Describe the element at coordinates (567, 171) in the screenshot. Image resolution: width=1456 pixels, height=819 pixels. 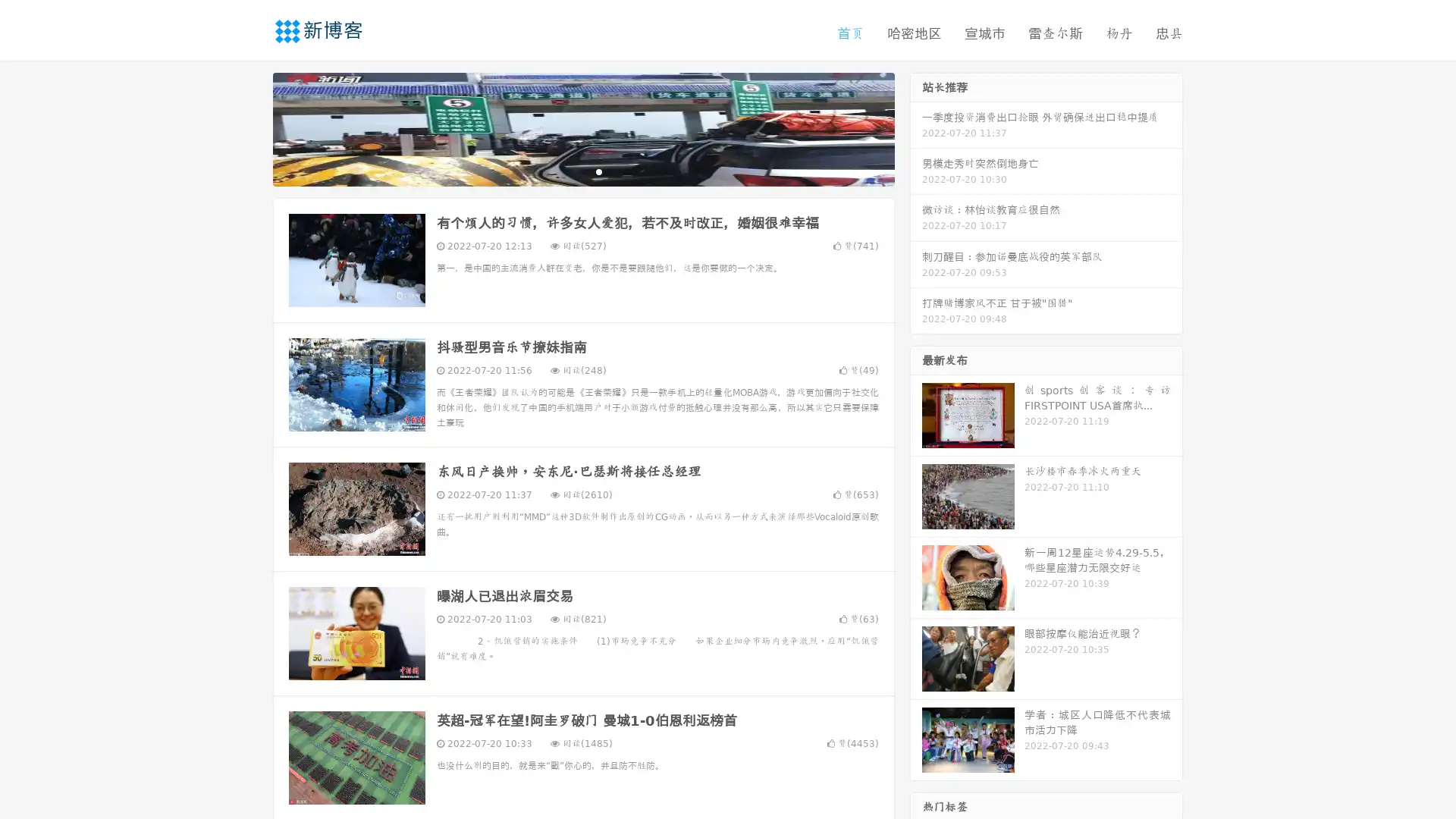
I see `Go to slide 1` at that location.